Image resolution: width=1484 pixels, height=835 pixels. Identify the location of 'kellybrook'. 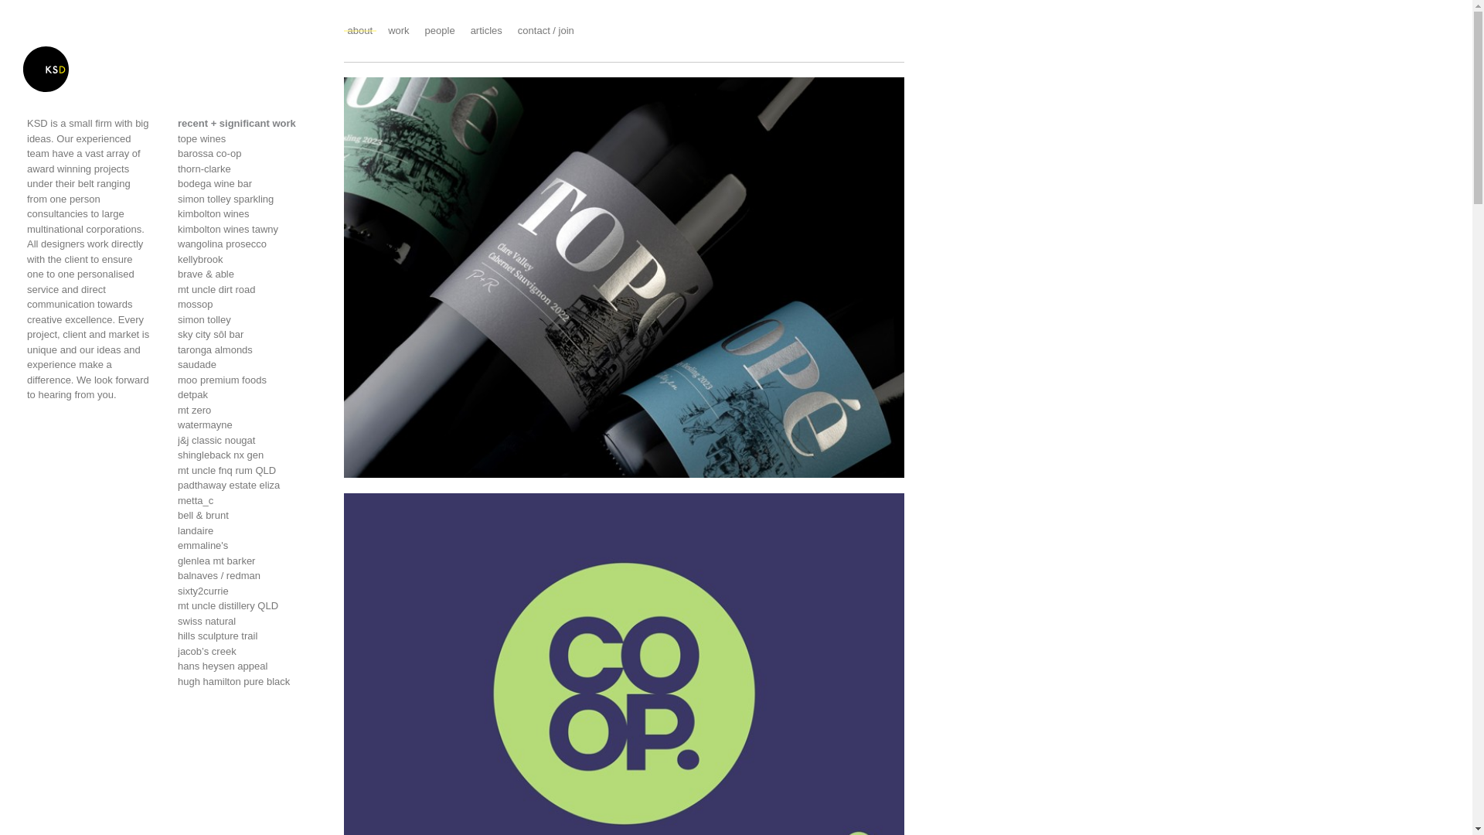
(247, 258).